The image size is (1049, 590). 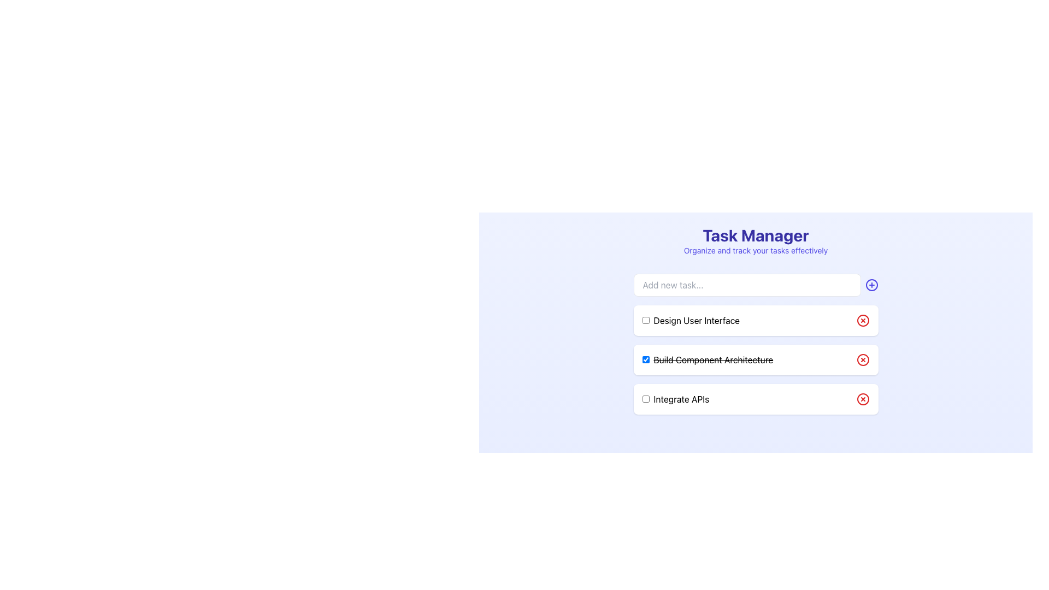 What do you see at coordinates (696, 320) in the screenshot?
I see `the text label displaying 'Design User Interface.' which is positioned next to a checkbox in the task management interface` at bounding box center [696, 320].